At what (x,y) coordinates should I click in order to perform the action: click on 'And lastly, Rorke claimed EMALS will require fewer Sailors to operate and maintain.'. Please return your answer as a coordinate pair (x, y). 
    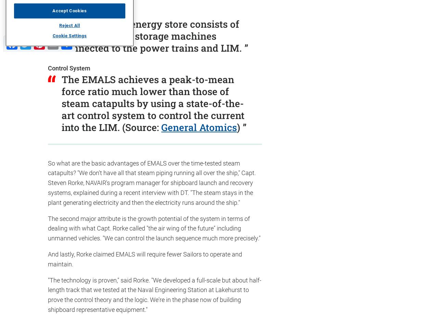
    Looking at the image, I should click on (145, 259).